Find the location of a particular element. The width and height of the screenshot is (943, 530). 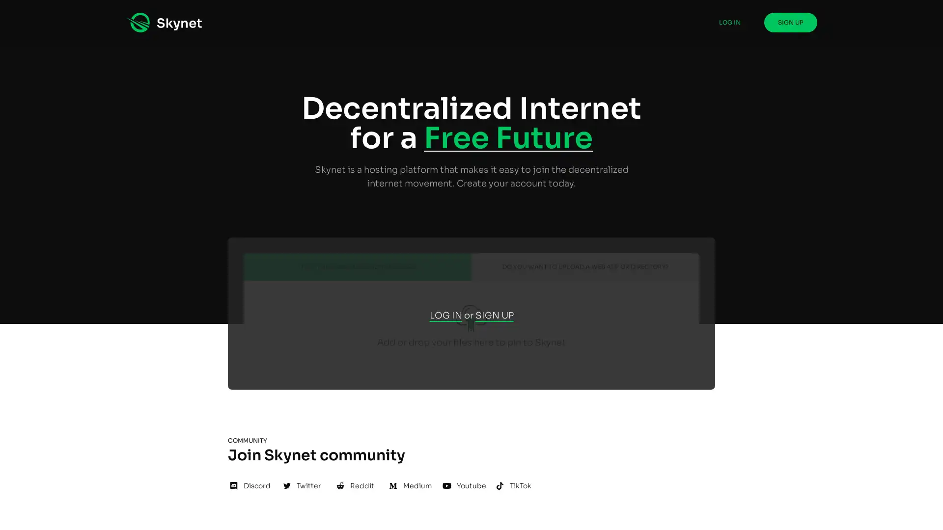

DO YOU WANT TO UPLOAD A WEB APP OR DIRECTORY? is located at coordinates (585, 266).